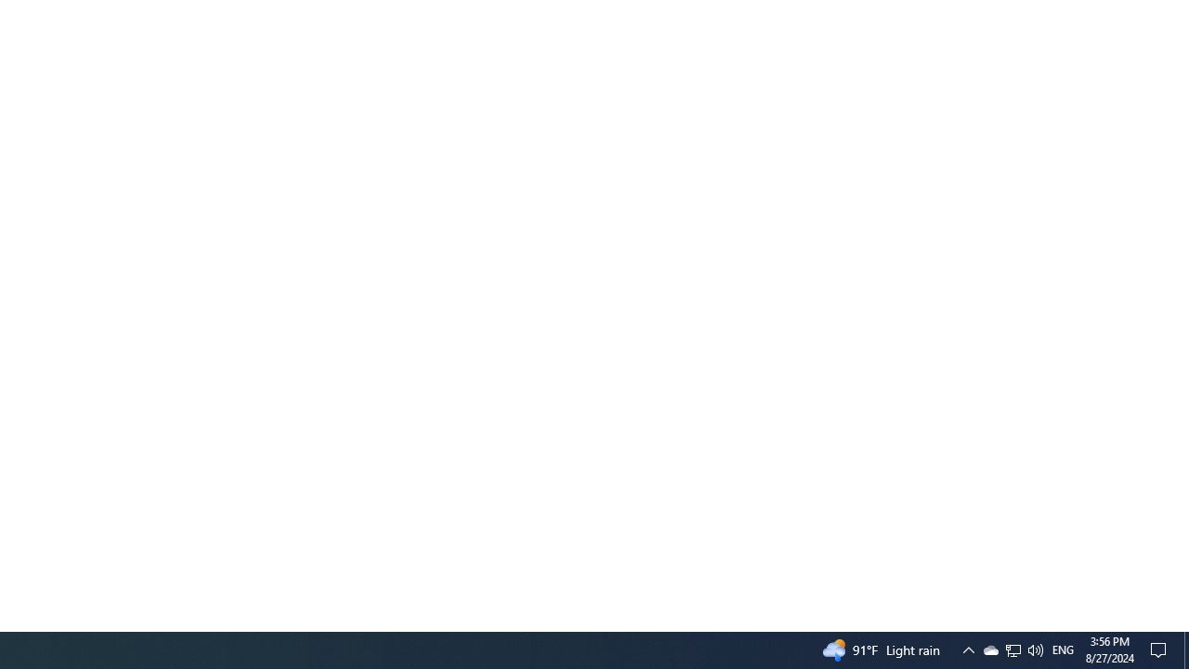 The width and height of the screenshot is (1189, 669). I want to click on 'Q2790: 100%', so click(1063, 649).